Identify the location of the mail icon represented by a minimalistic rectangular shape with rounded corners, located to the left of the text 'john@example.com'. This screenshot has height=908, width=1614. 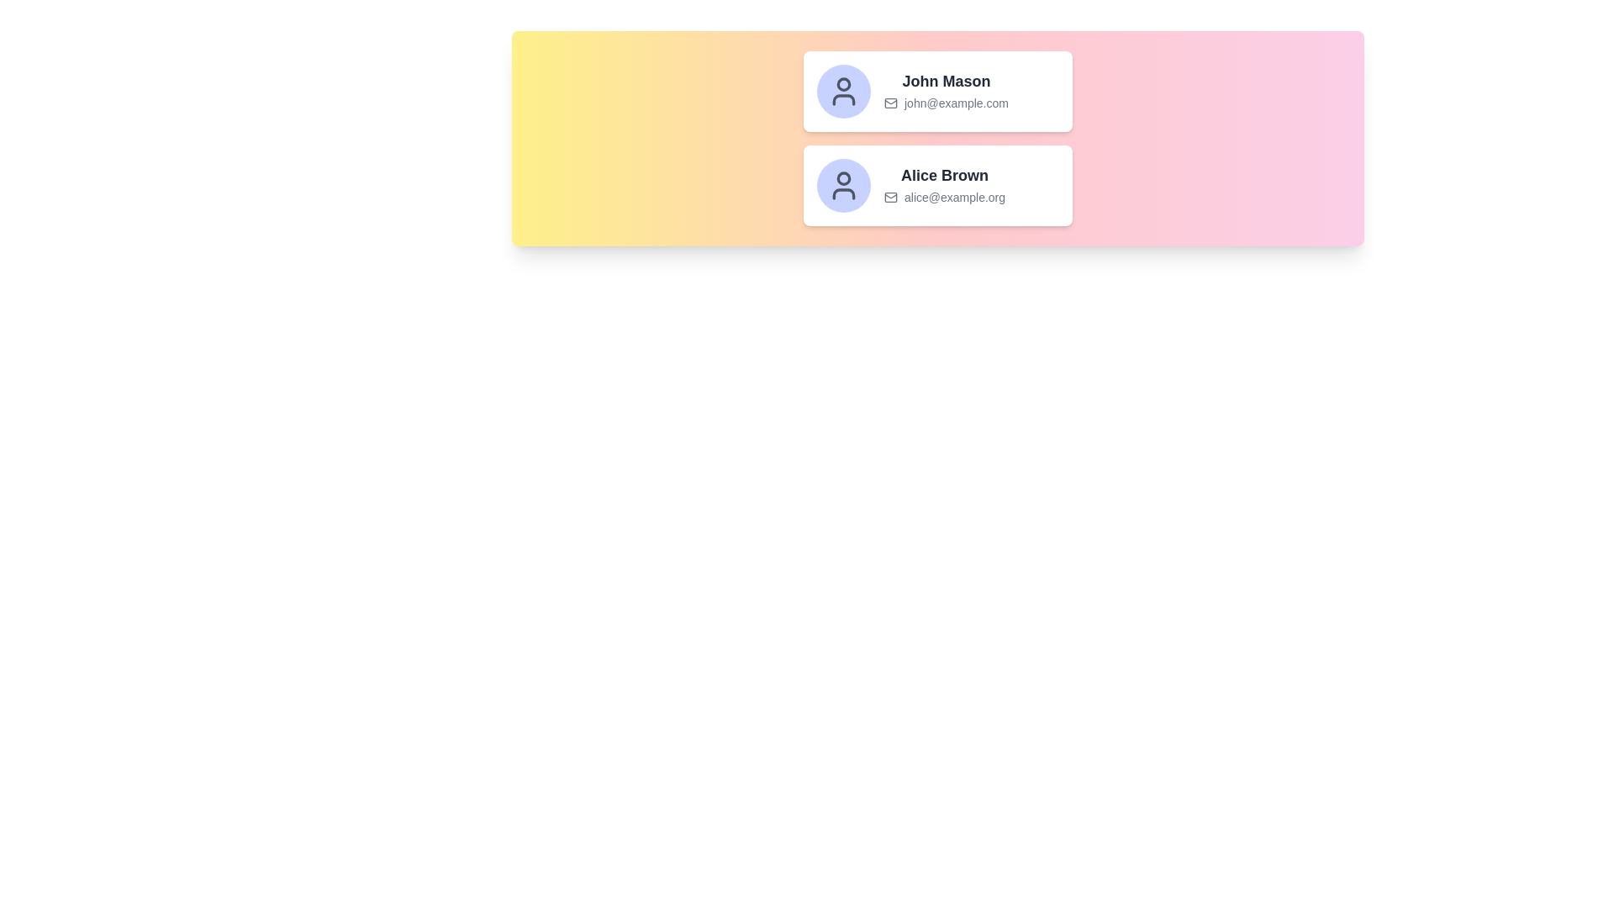
(890, 103).